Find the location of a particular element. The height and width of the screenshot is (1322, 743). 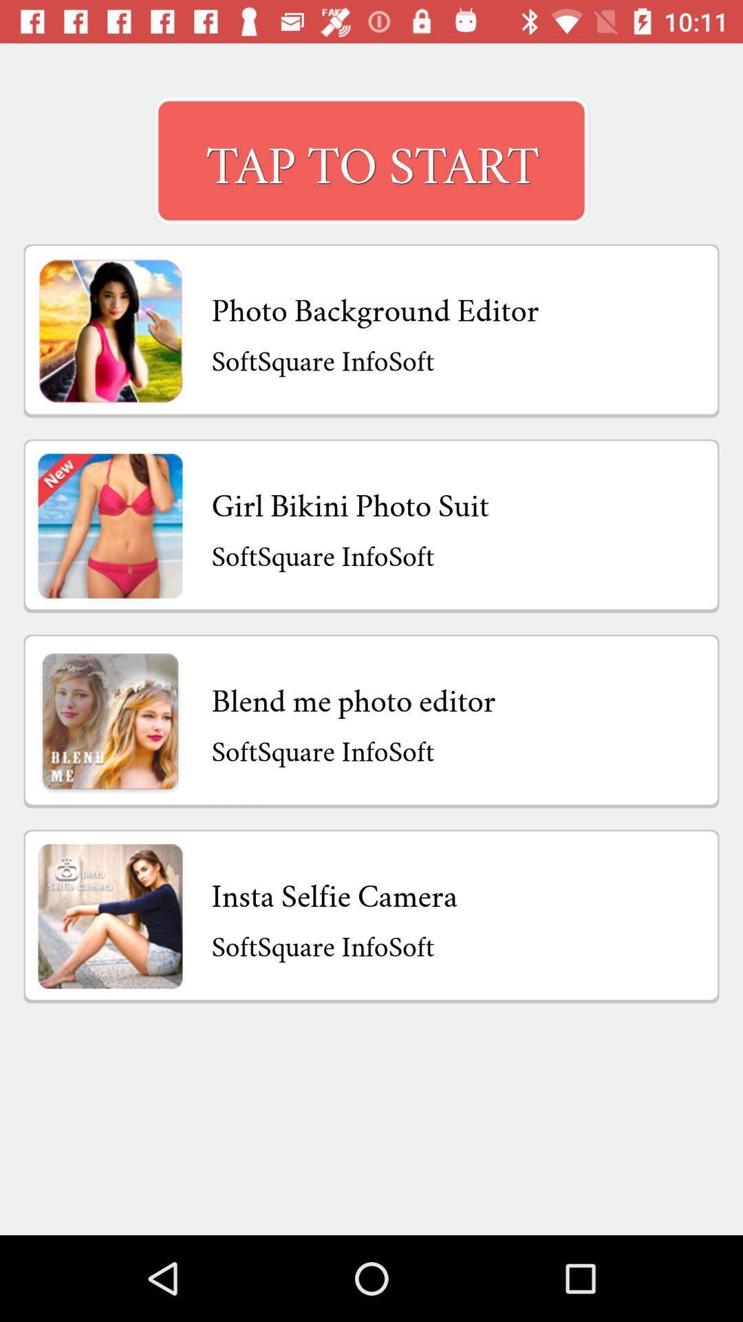

item below softsquare infosoft icon is located at coordinates (334, 892).